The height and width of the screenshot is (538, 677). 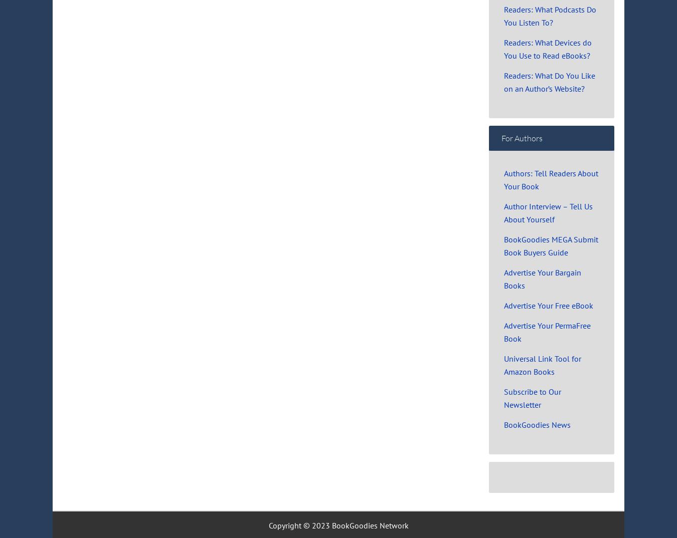 I want to click on 'Readers: What Podcasts Do You Listen To?', so click(x=550, y=15).